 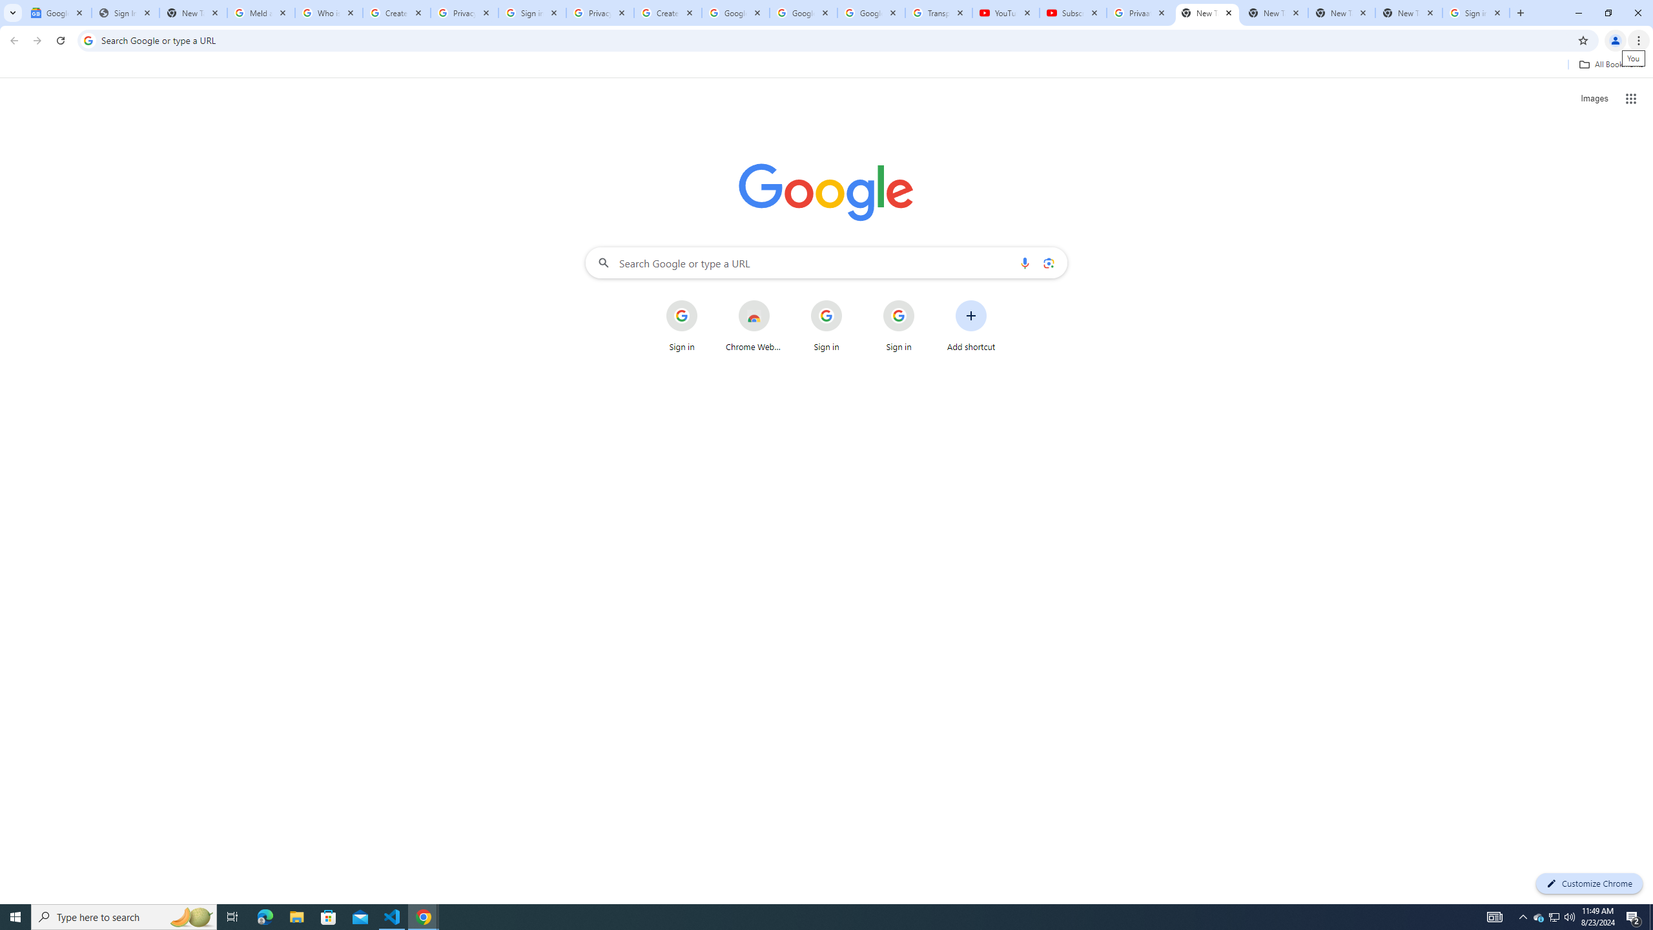 I want to click on 'YouTube', so click(x=1005, y=12).